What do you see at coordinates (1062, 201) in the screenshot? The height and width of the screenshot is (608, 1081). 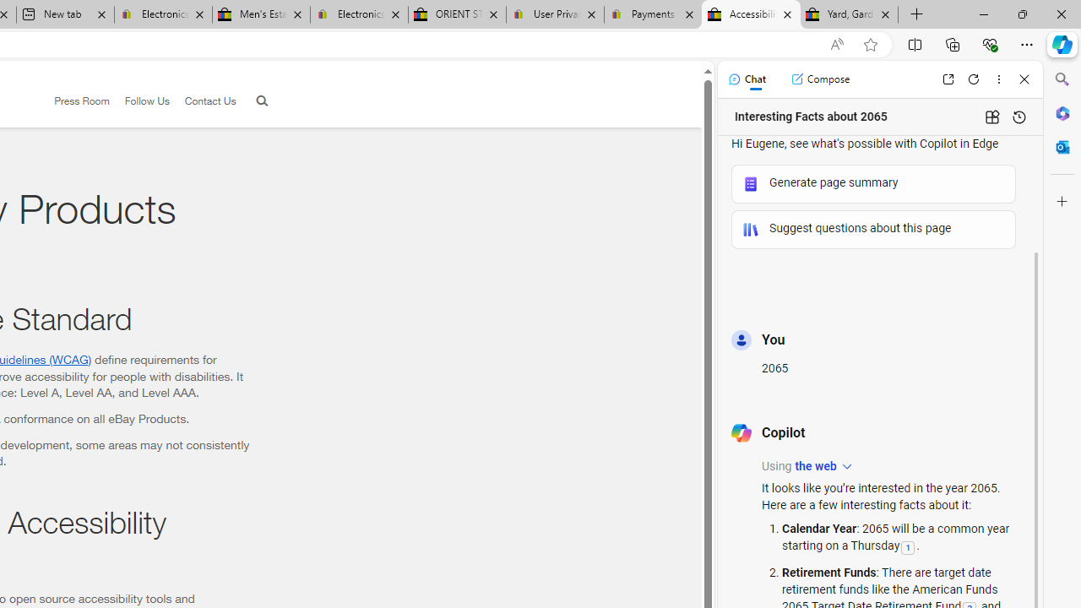 I see `'Customize'` at bounding box center [1062, 201].